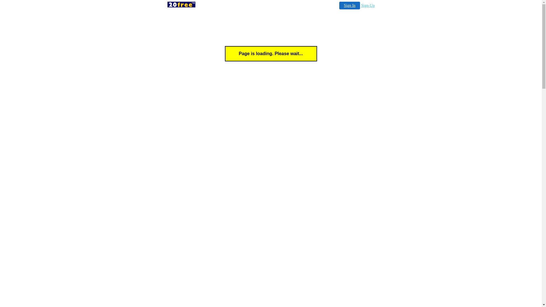  I want to click on 'Sign-Up', so click(368, 5).